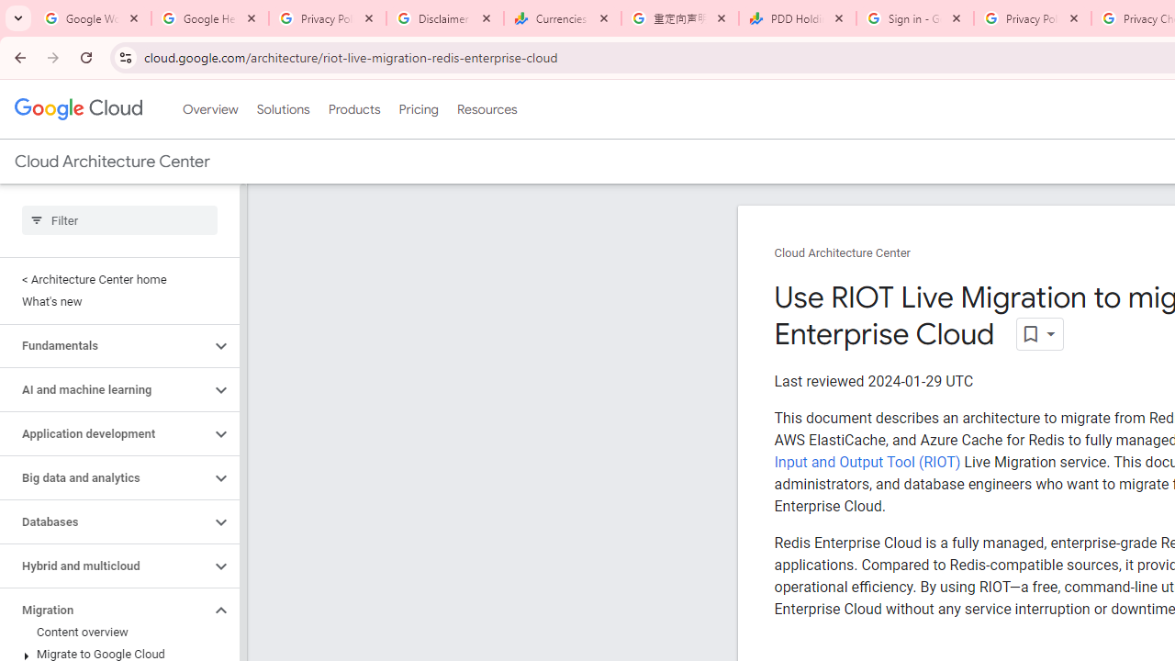 The image size is (1175, 661). Describe the element at coordinates (104, 522) in the screenshot. I see `'Databases'` at that location.